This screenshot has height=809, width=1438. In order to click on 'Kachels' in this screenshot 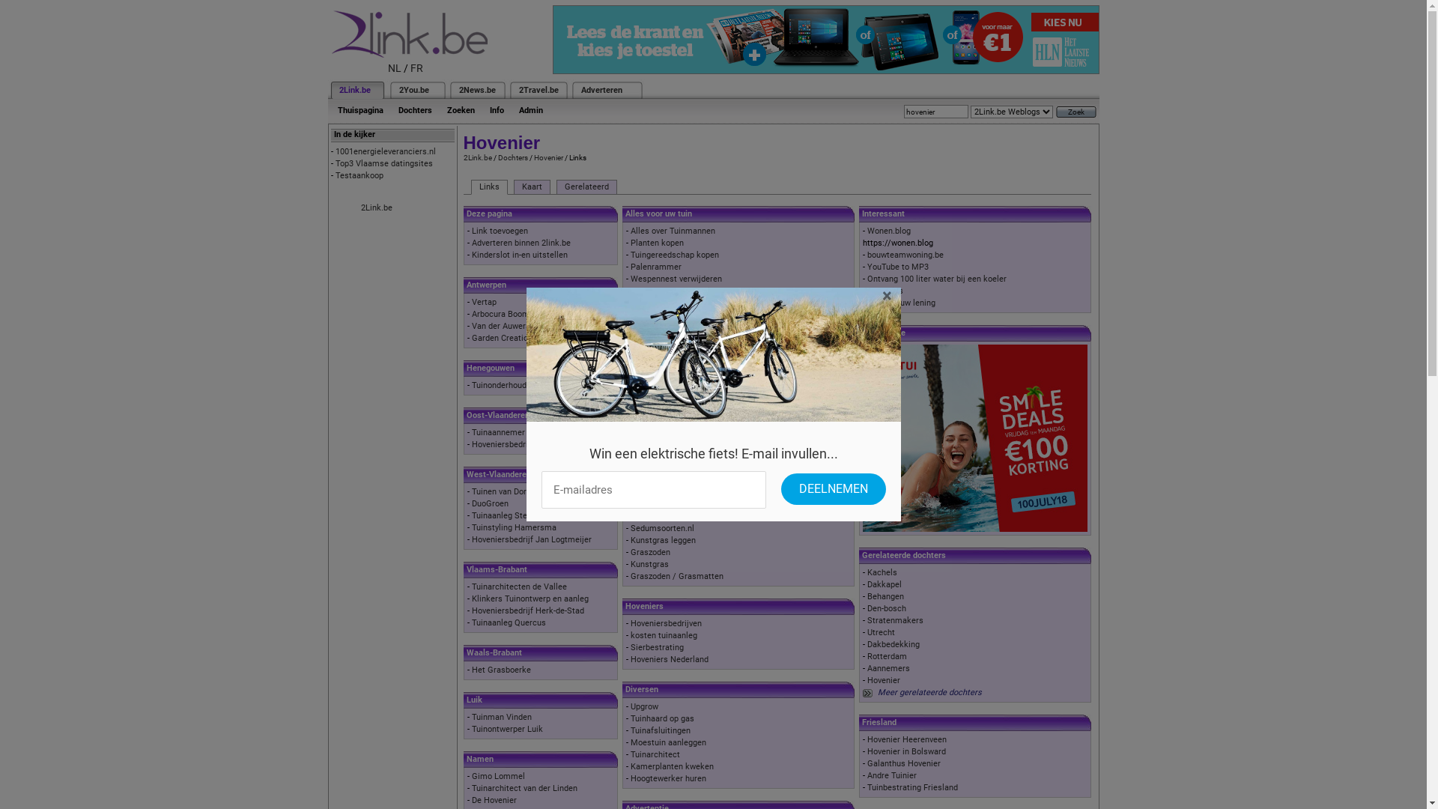, I will do `click(882, 572)`.